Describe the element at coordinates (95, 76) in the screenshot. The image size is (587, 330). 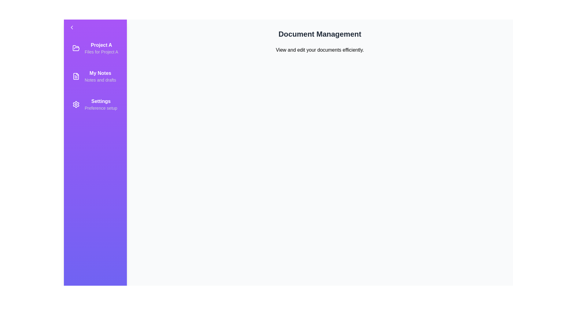
I see `the item My Notes from the list in the drawer` at that location.